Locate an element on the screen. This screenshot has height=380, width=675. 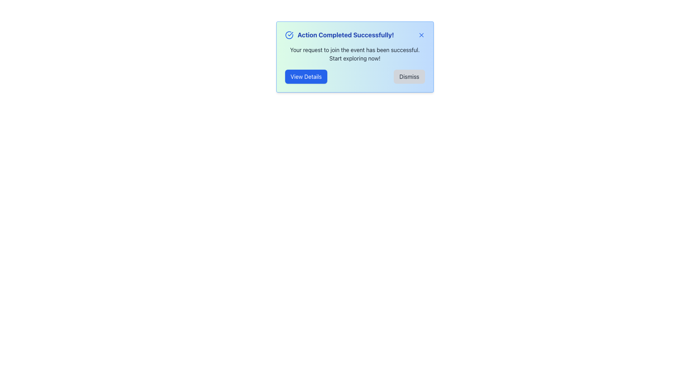
the 'View Details' button located at the bottom-left corner of the popup is located at coordinates (306, 77).